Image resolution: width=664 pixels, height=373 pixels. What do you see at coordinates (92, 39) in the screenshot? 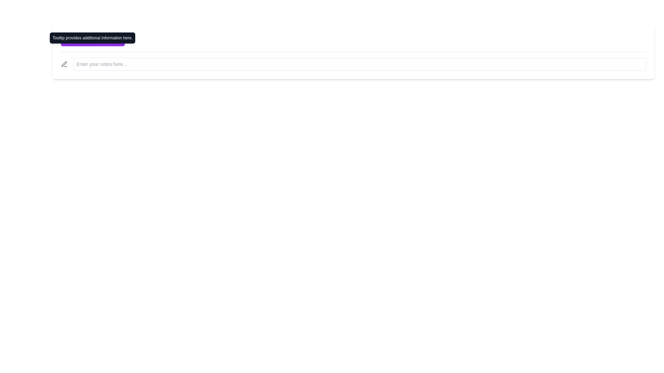
I see `the 'Hover for Info' button with a purple background and an information icon` at bounding box center [92, 39].